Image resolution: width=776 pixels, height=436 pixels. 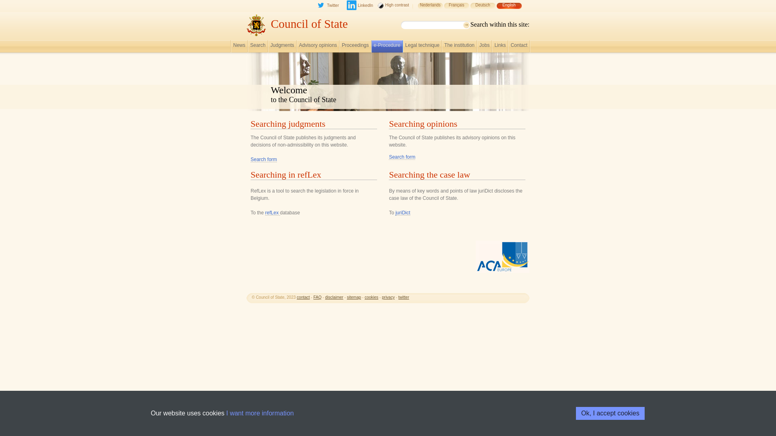 I want to click on 'sitemap', so click(x=347, y=297).